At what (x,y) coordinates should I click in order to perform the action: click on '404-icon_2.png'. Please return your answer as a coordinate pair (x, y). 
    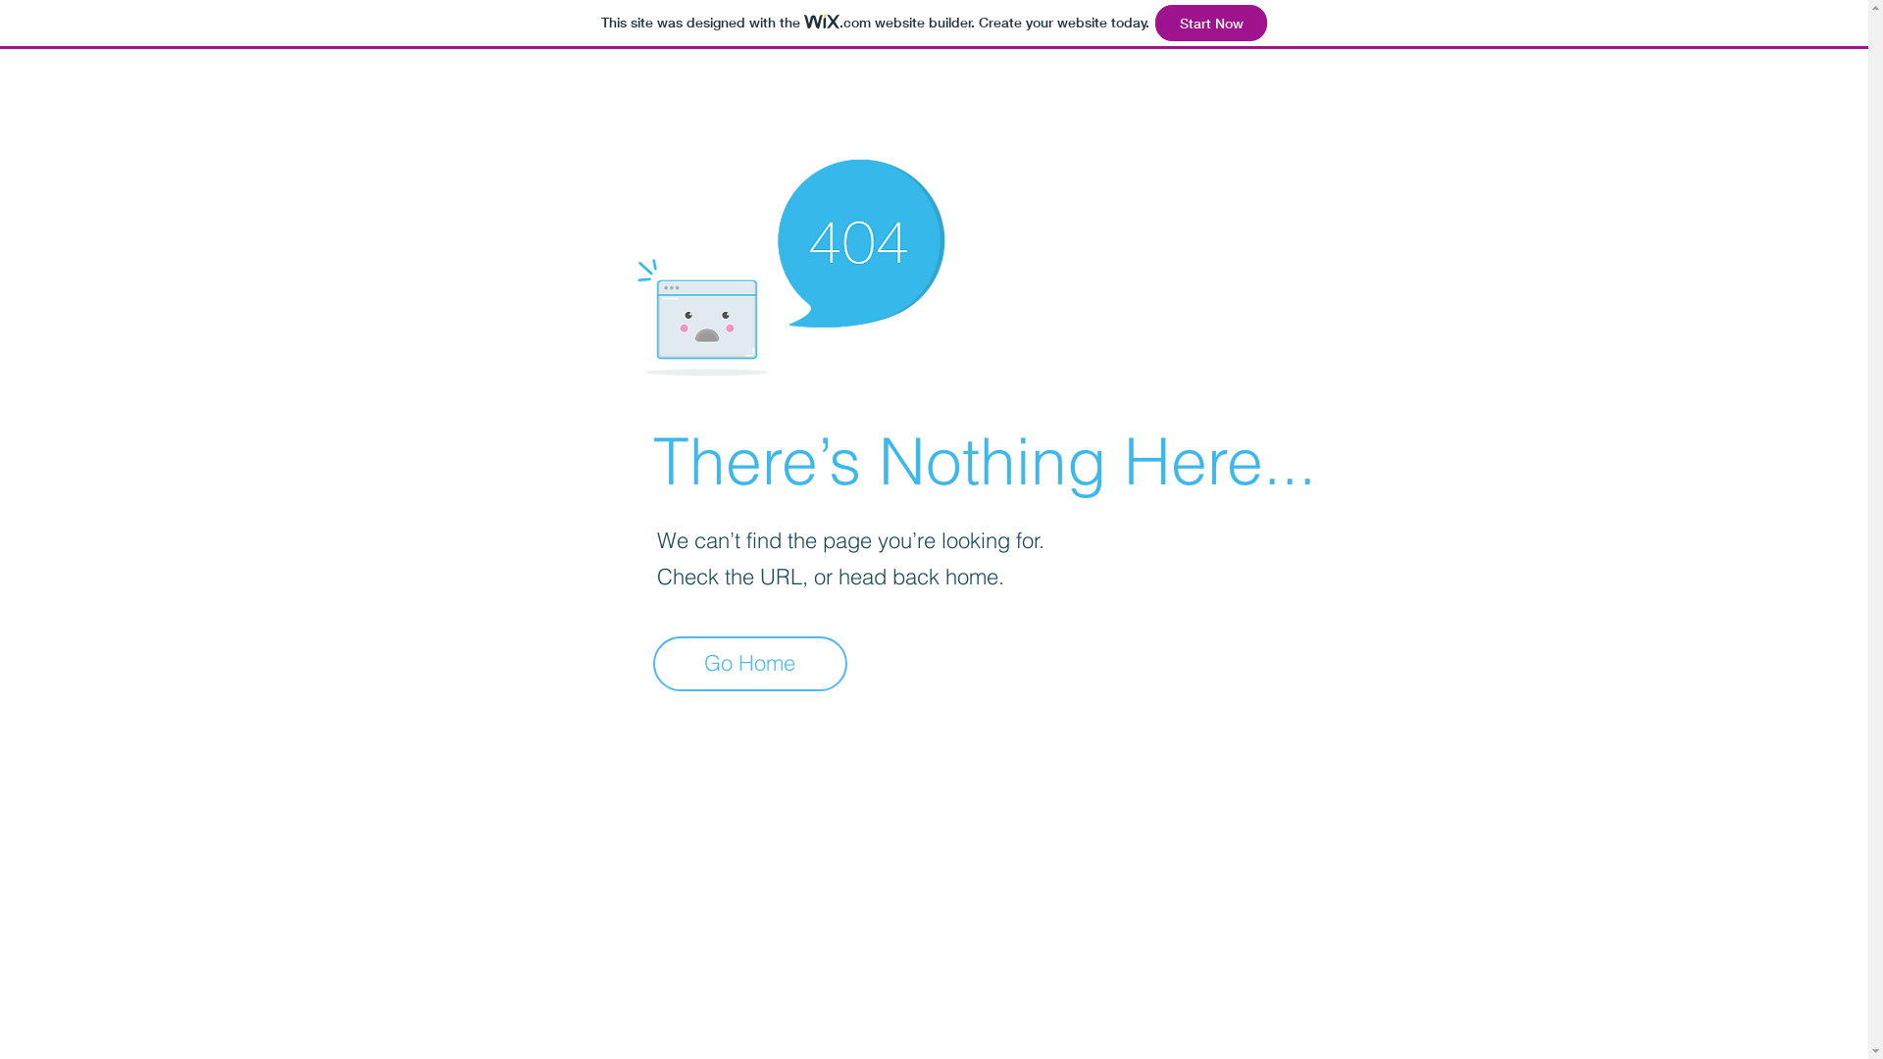
    Looking at the image, I should click on (789, 261).